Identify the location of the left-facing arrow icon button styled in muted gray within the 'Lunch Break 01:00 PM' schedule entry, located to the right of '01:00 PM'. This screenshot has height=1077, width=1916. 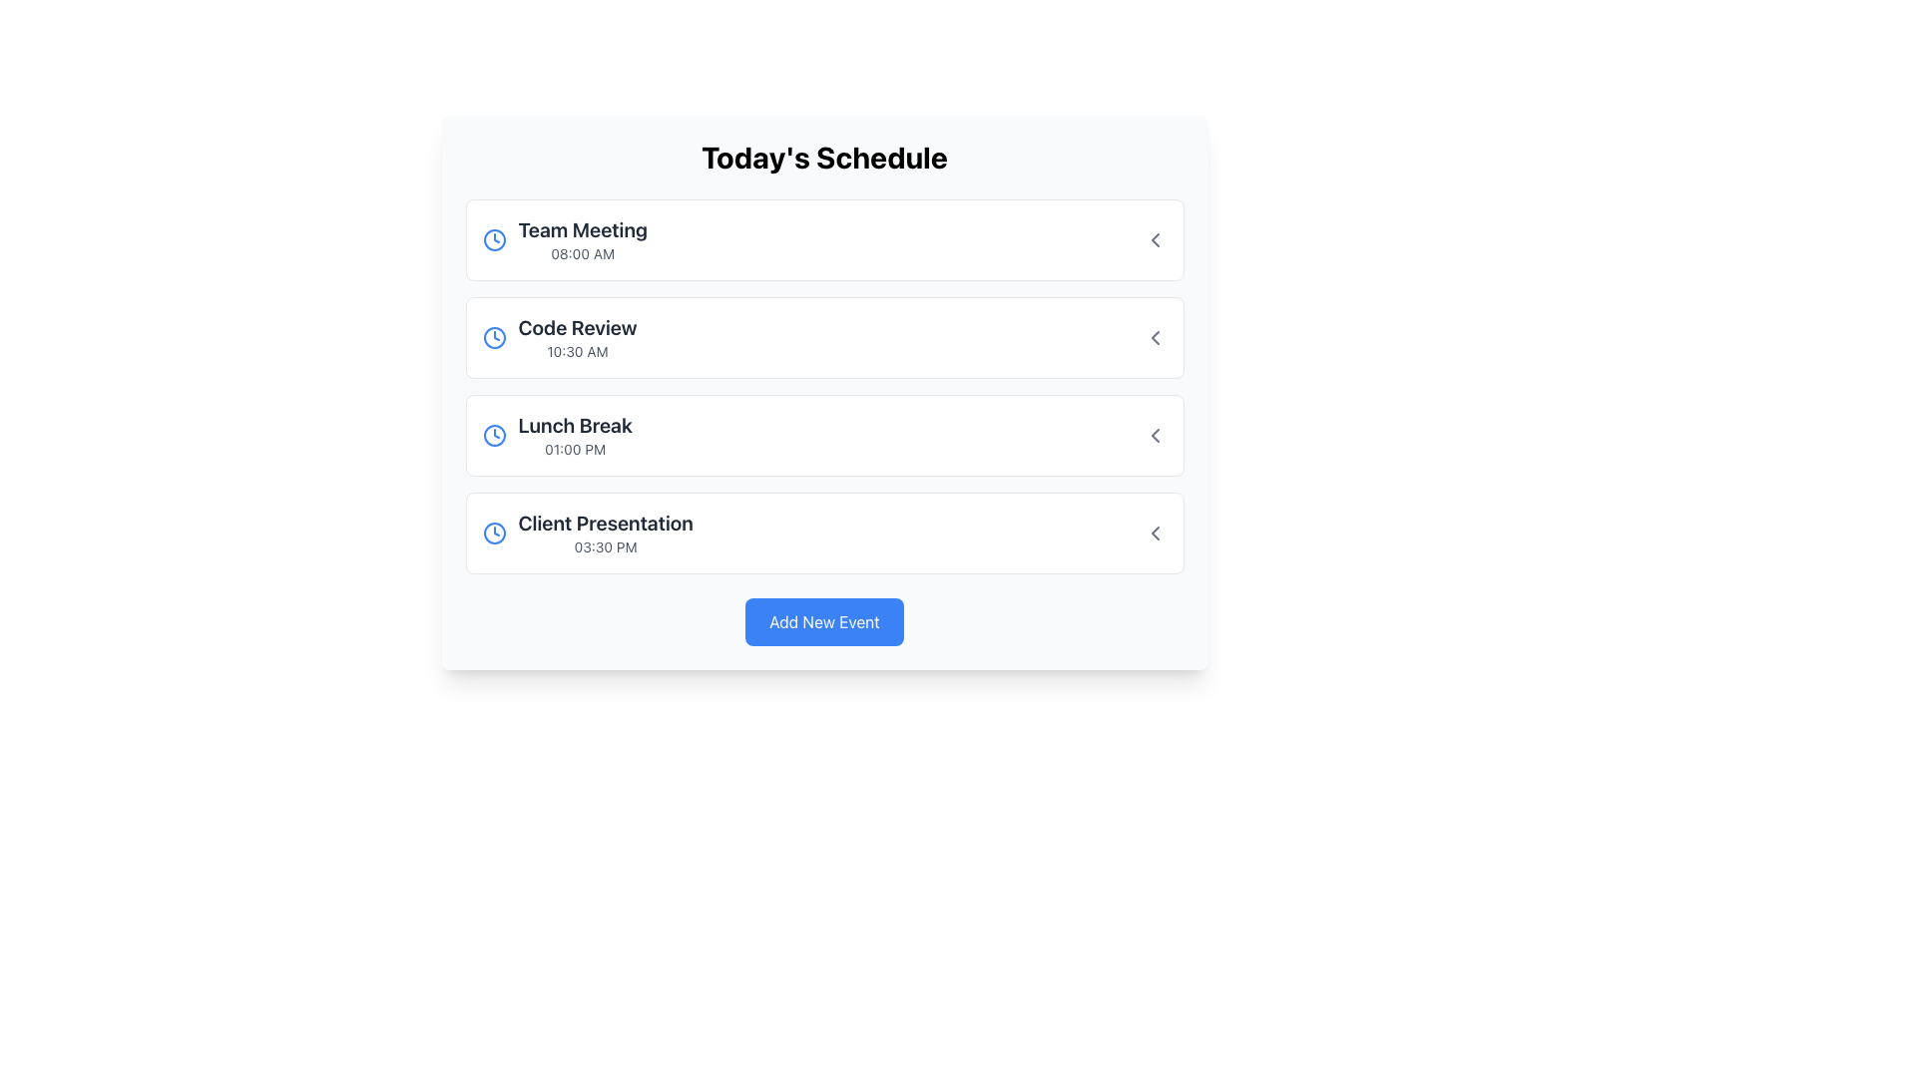
(1155, 434).